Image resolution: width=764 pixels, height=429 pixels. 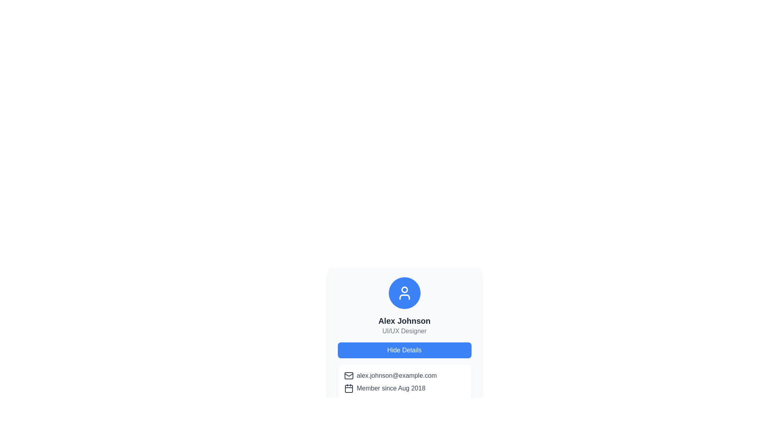 I want to click on the circular graphical illustration component representing the user profile's head, which is colored blue and white and located at the top of the user profile card, so click(x=404, y=290).